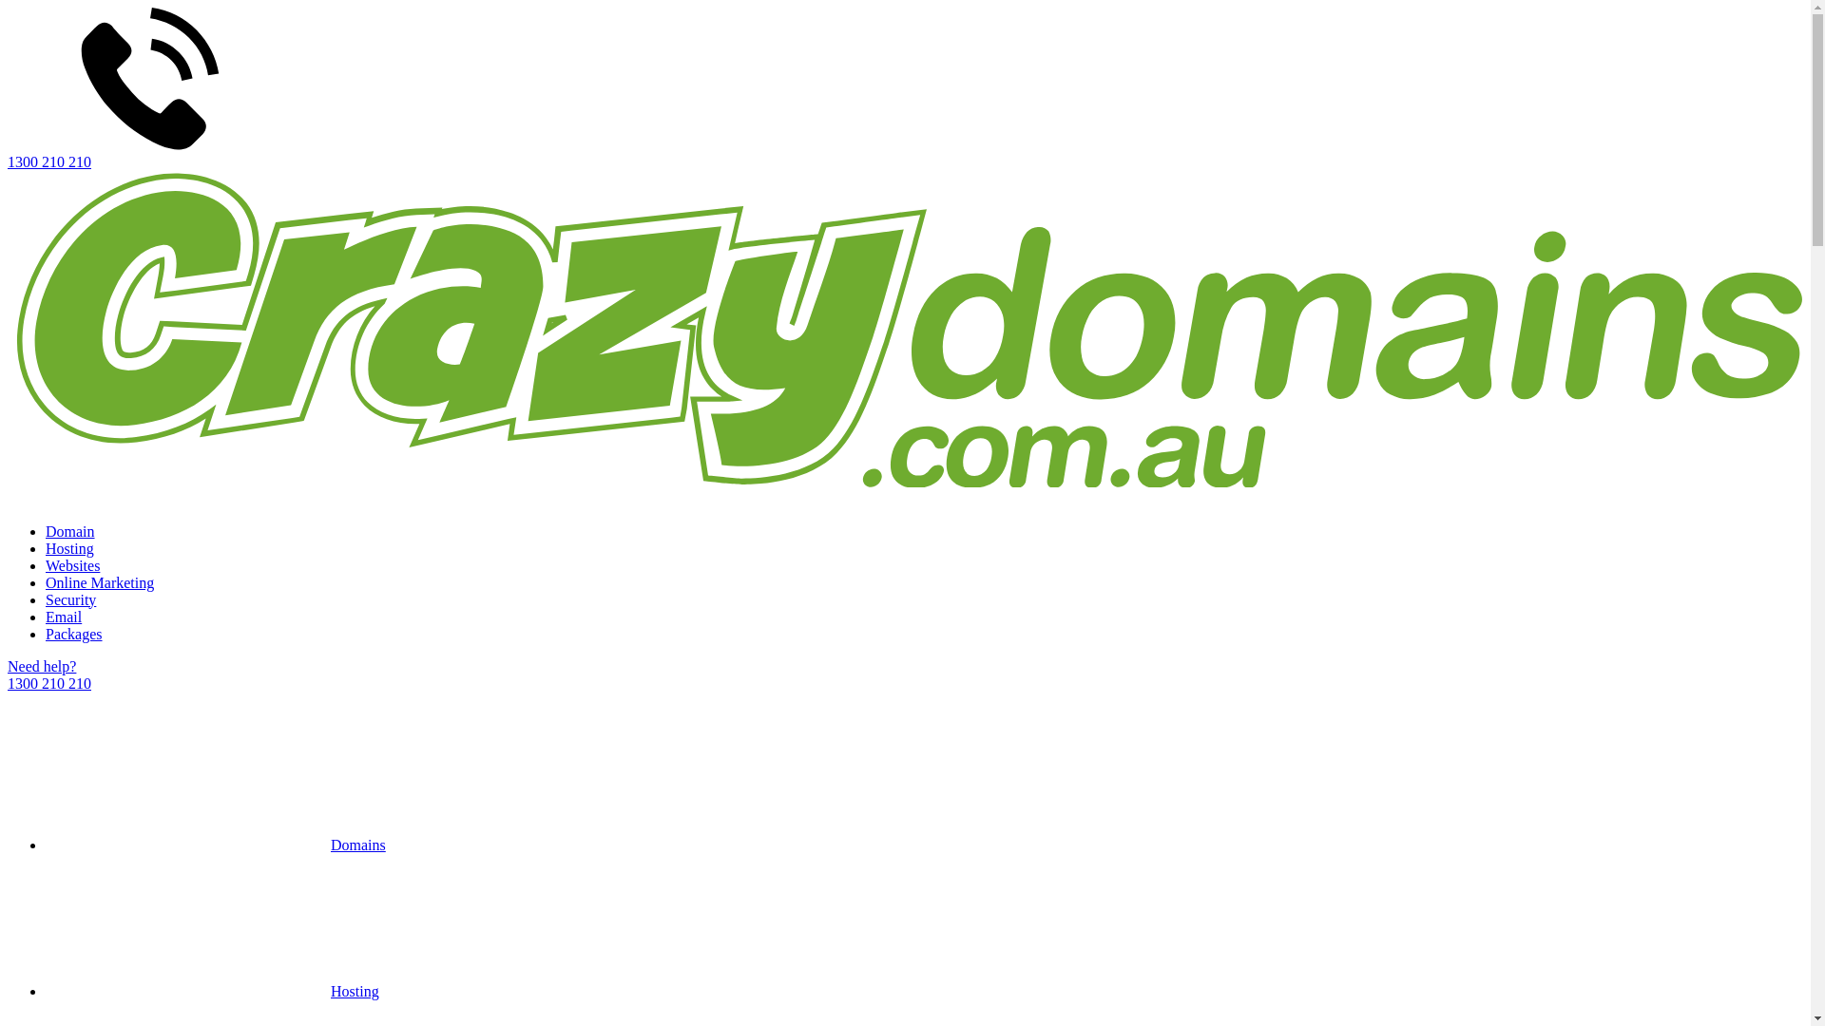  What do you see at coordinates (69, 531) in the screenshot?
I see `'Domain'` at bounding box center [69, 531].